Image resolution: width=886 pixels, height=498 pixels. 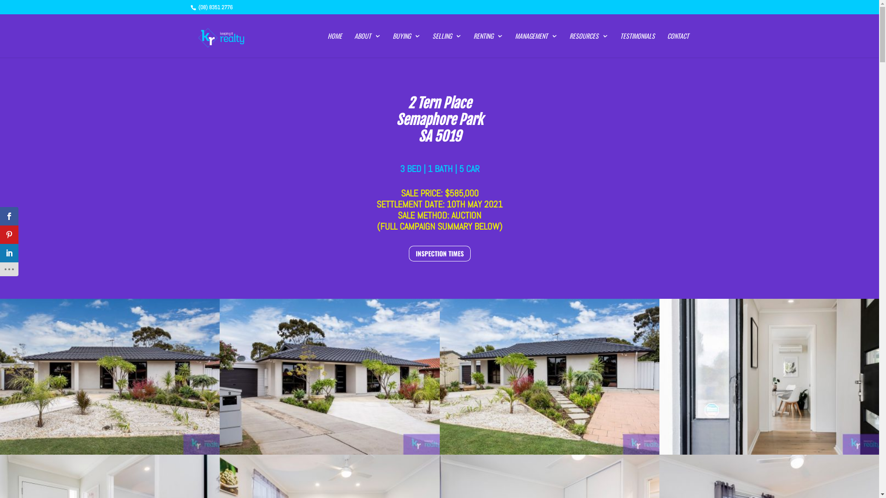 What do you see at coordinates (473, 45) in the screenshot?
I see `'RENTING'` at bounding box center [473, 45].